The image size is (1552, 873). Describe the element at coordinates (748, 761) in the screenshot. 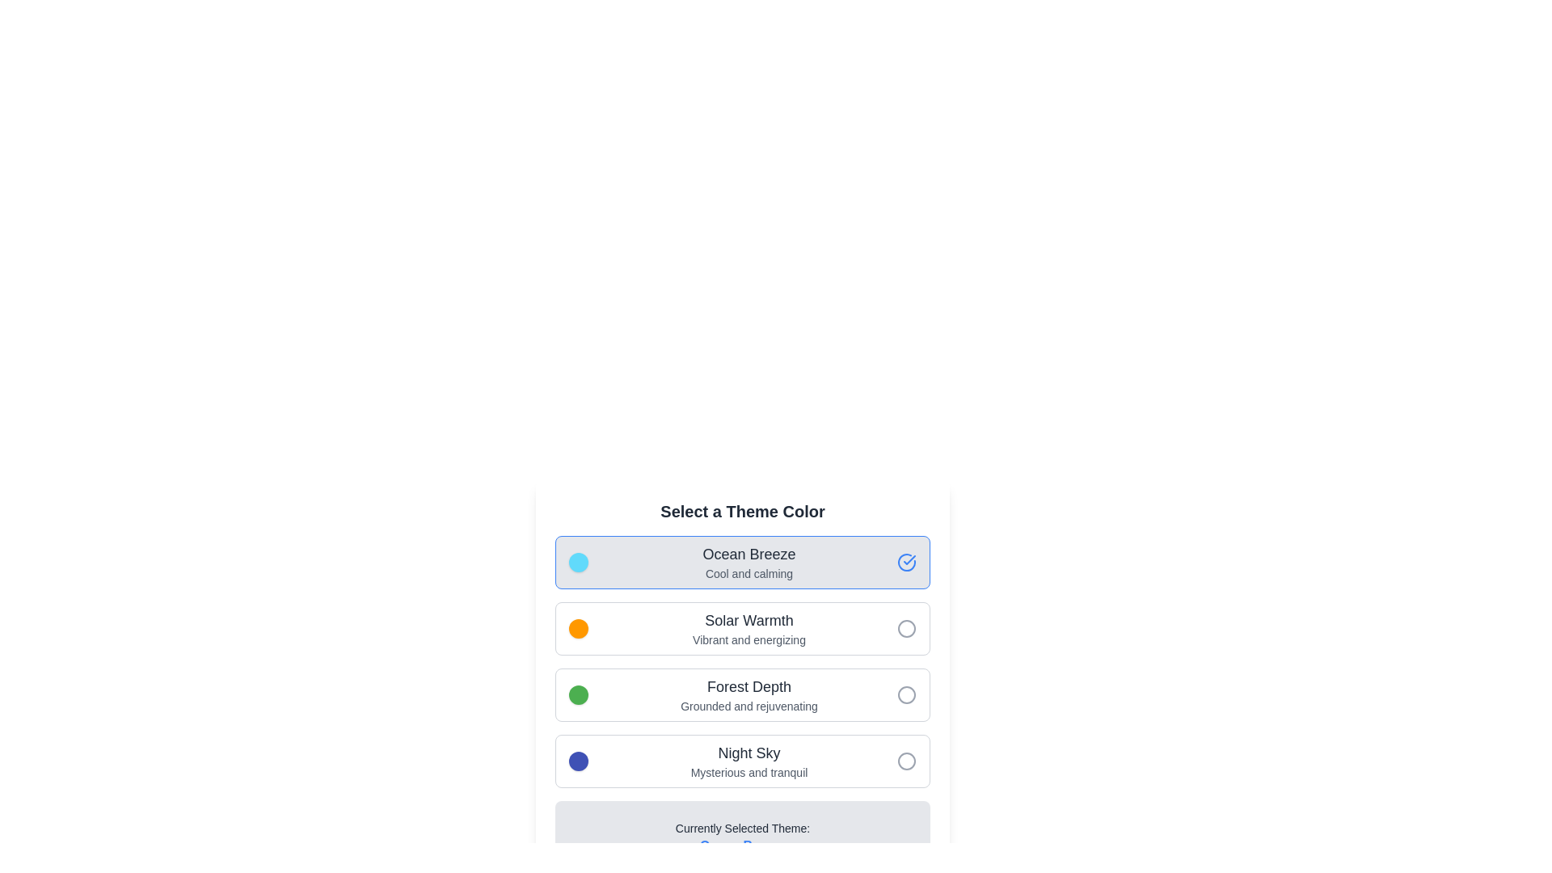

I see `the Text block displaying the title 'Night Sky' and subtitle 'Mysterious and tranquil'` at that location.